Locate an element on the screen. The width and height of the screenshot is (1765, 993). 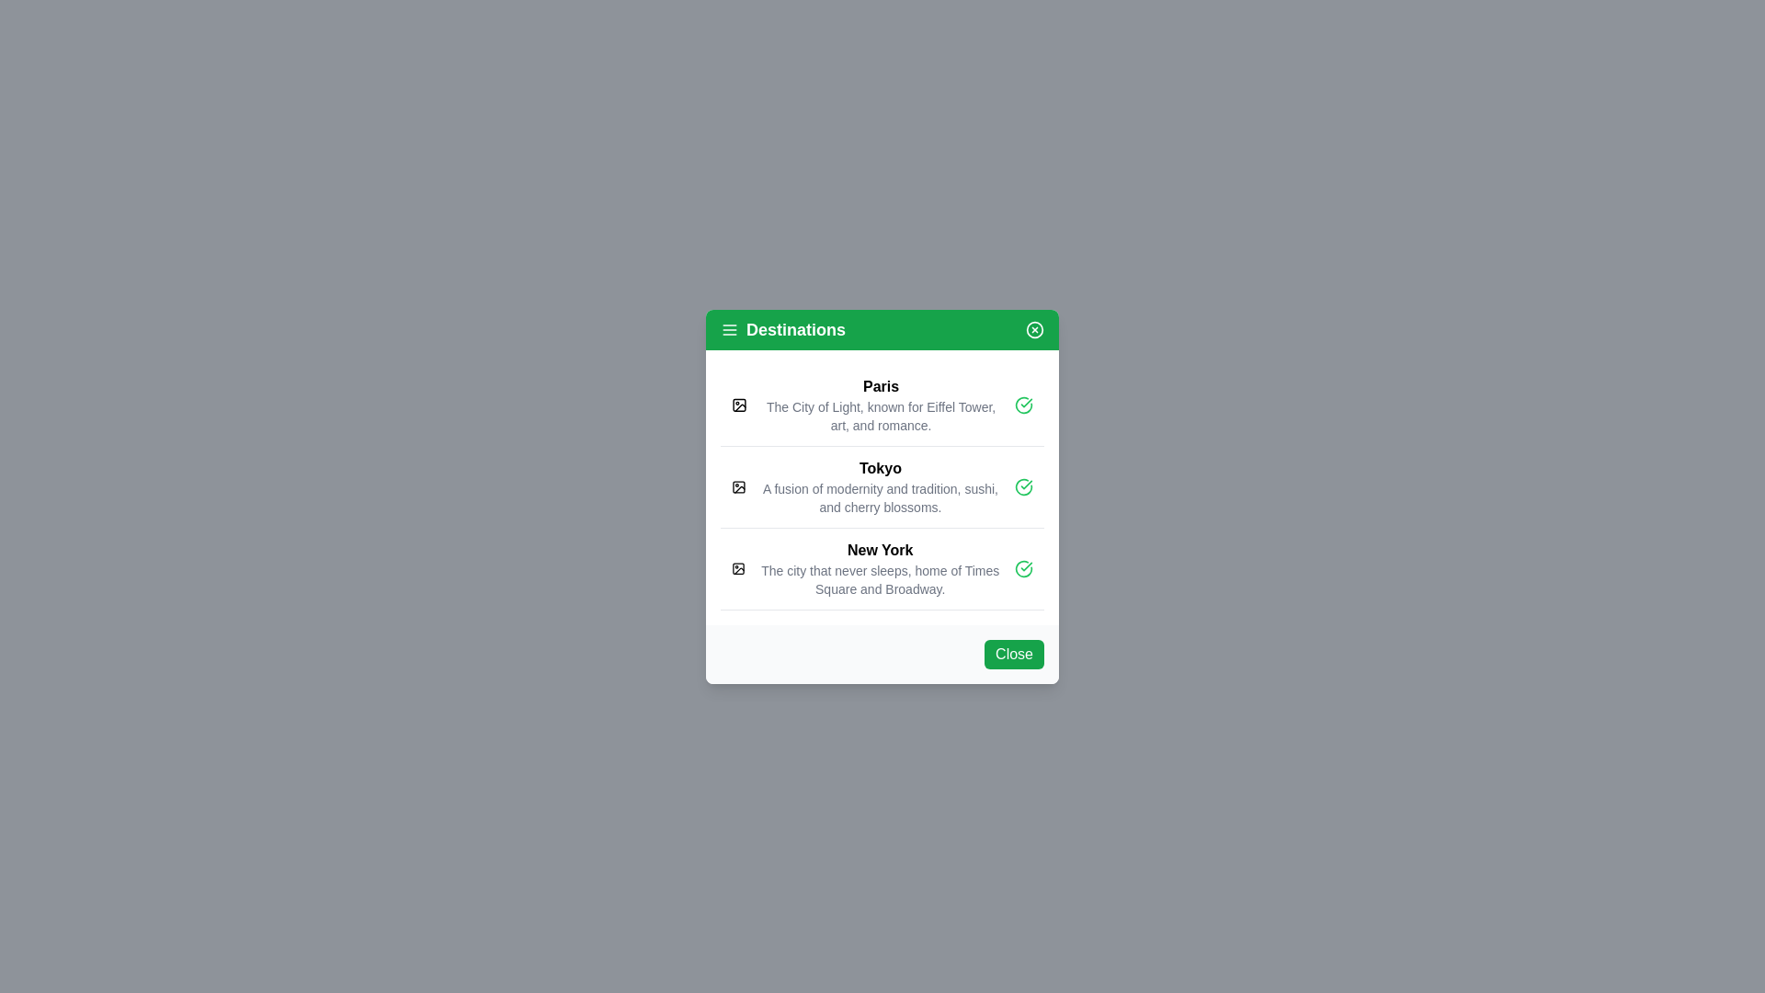
the static text element that provides additional information about the destination 'Paris', located below the main text in the first item of the vertical list is located at coordinates (880, 416).